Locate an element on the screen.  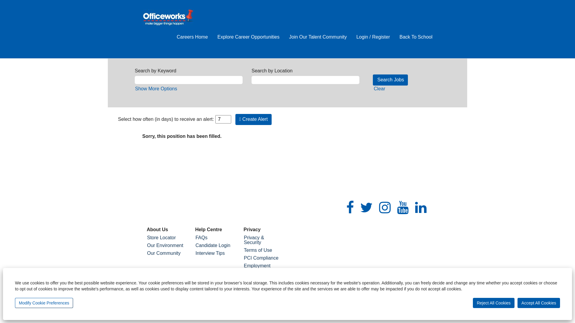
'Reject All Cookies' is located at coordinates (494, 303).